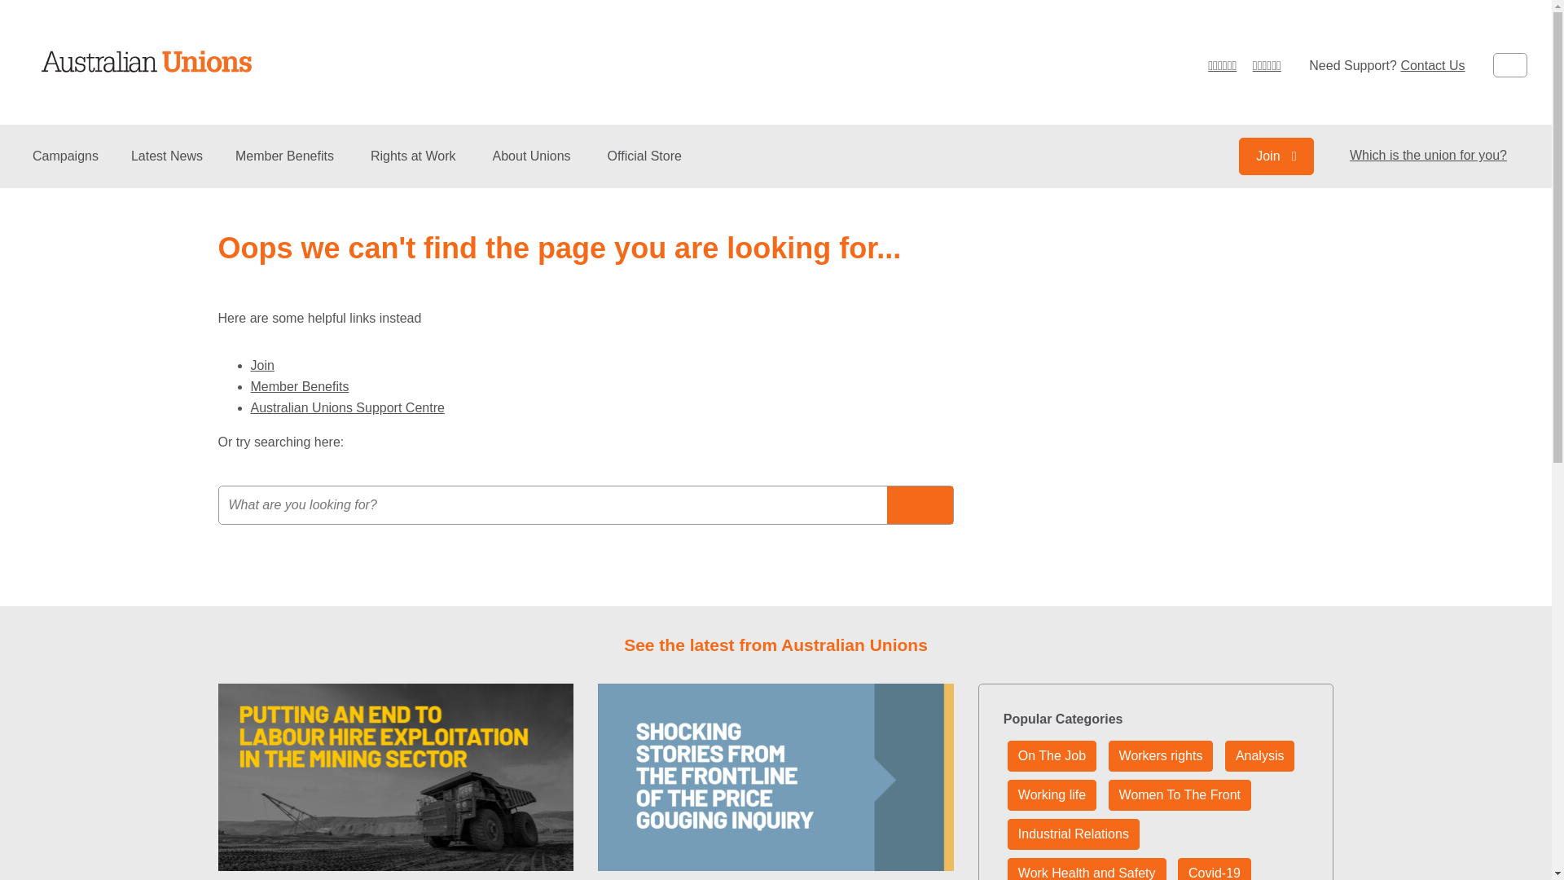  I want to click on 'Working life', so click(1052, 794).